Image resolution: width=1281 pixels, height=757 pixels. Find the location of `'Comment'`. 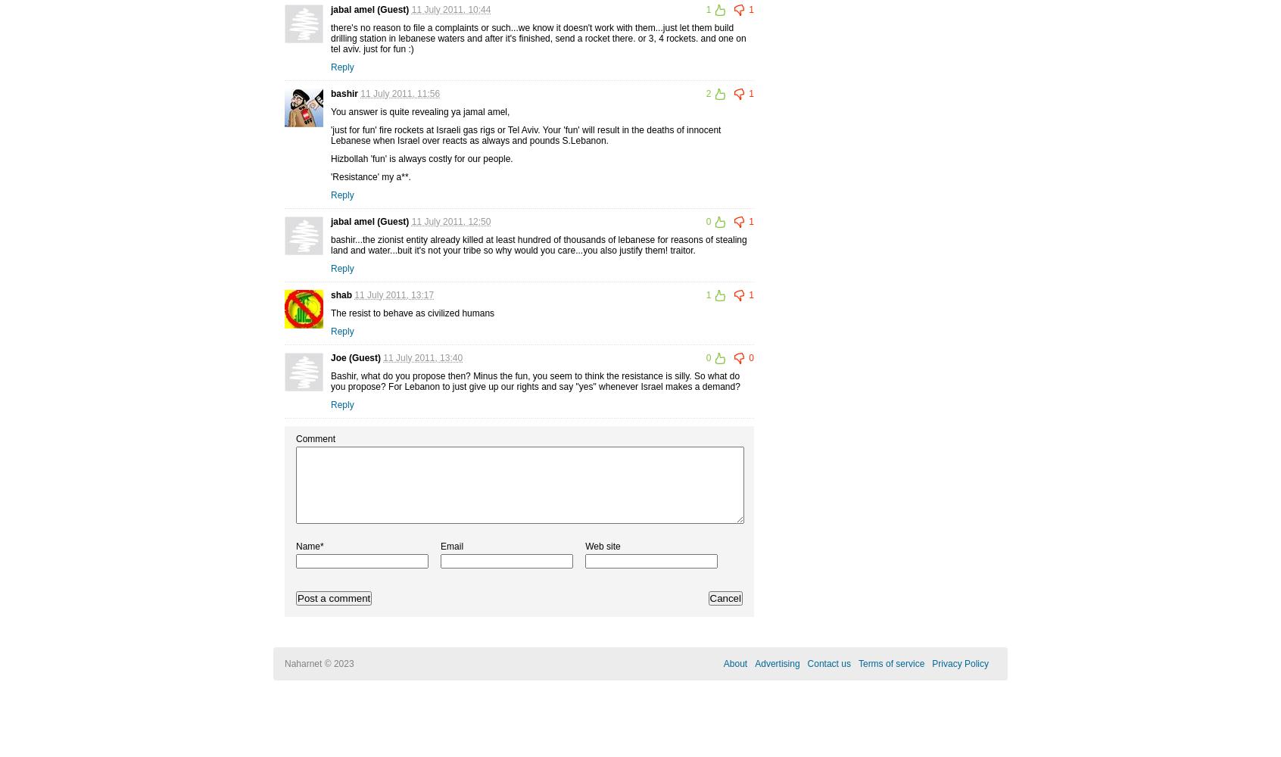

'Comment' is located at coordinates (316, 438).